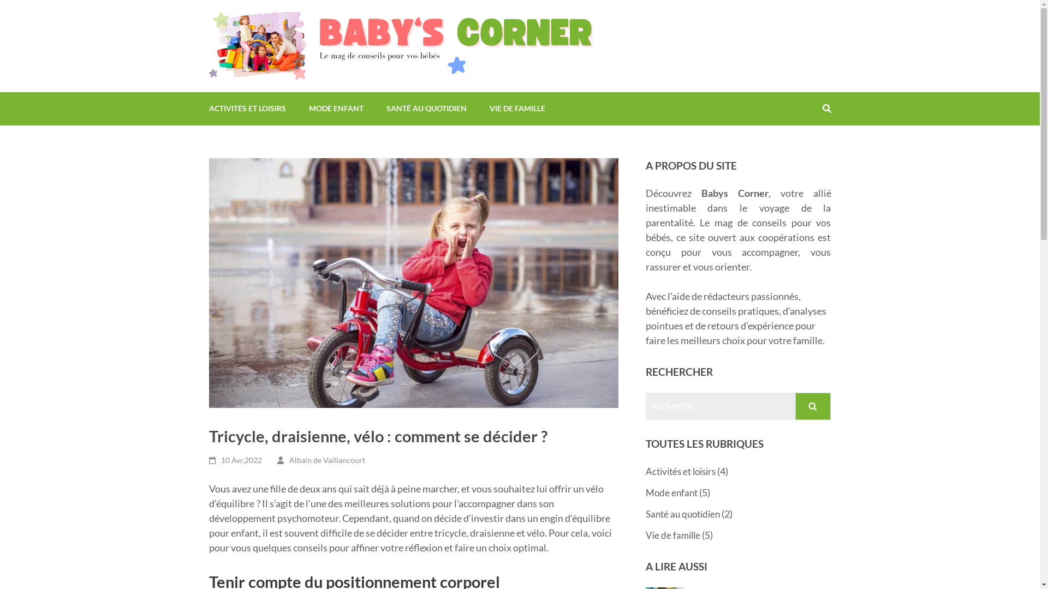 This screenshot has width=1048, height=589. What do you see at coordinates (672, 534) in the screenshot?
I see `'Vie de famille'` at bounding box center [672, 534].